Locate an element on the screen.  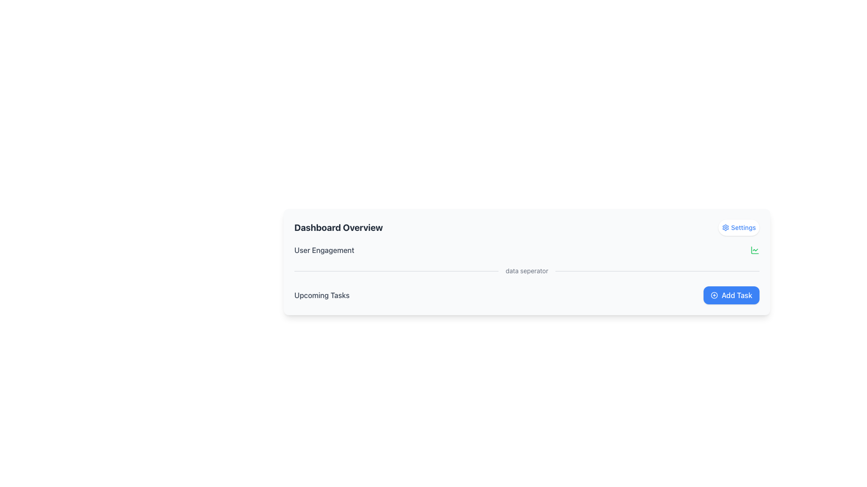
the cogwheel icon with a blue outline located within the white circular button is located at coordinates (726, 227).